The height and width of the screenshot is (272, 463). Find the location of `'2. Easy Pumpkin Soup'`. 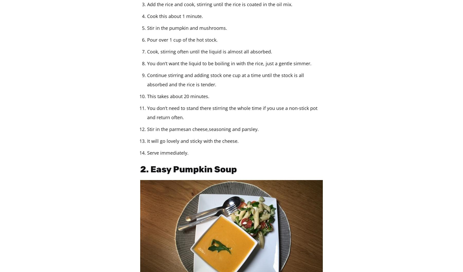

'2. Easy Pumpkin Soup' is located at coordinates (188, 169).